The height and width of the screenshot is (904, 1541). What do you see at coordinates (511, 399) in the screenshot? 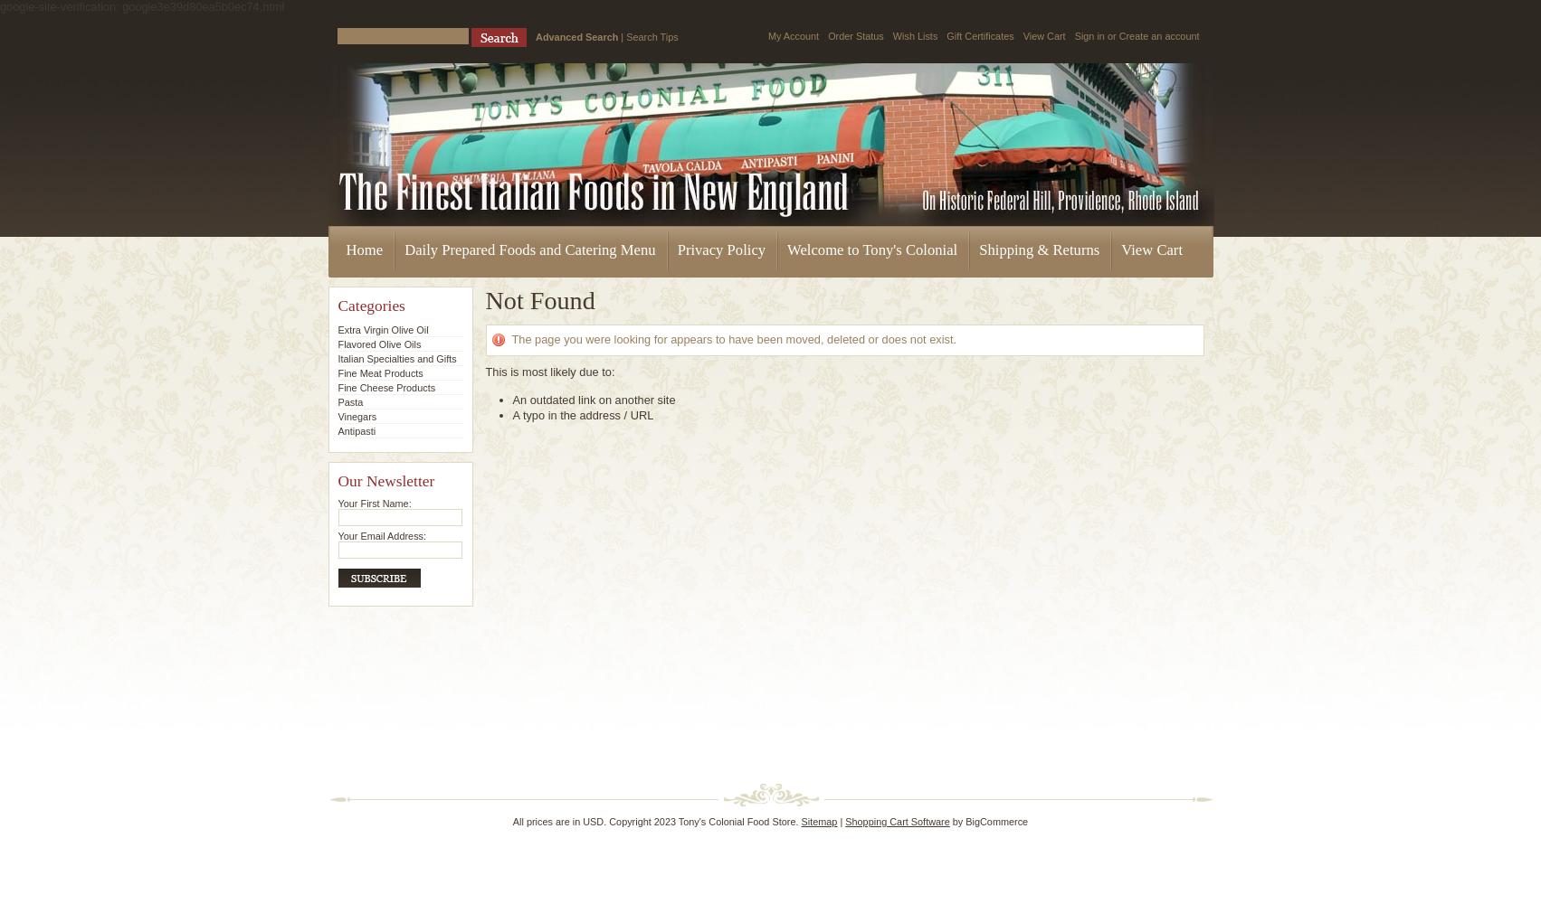
I see `'An outdated link on another site'` at bounding box center [511, 399].